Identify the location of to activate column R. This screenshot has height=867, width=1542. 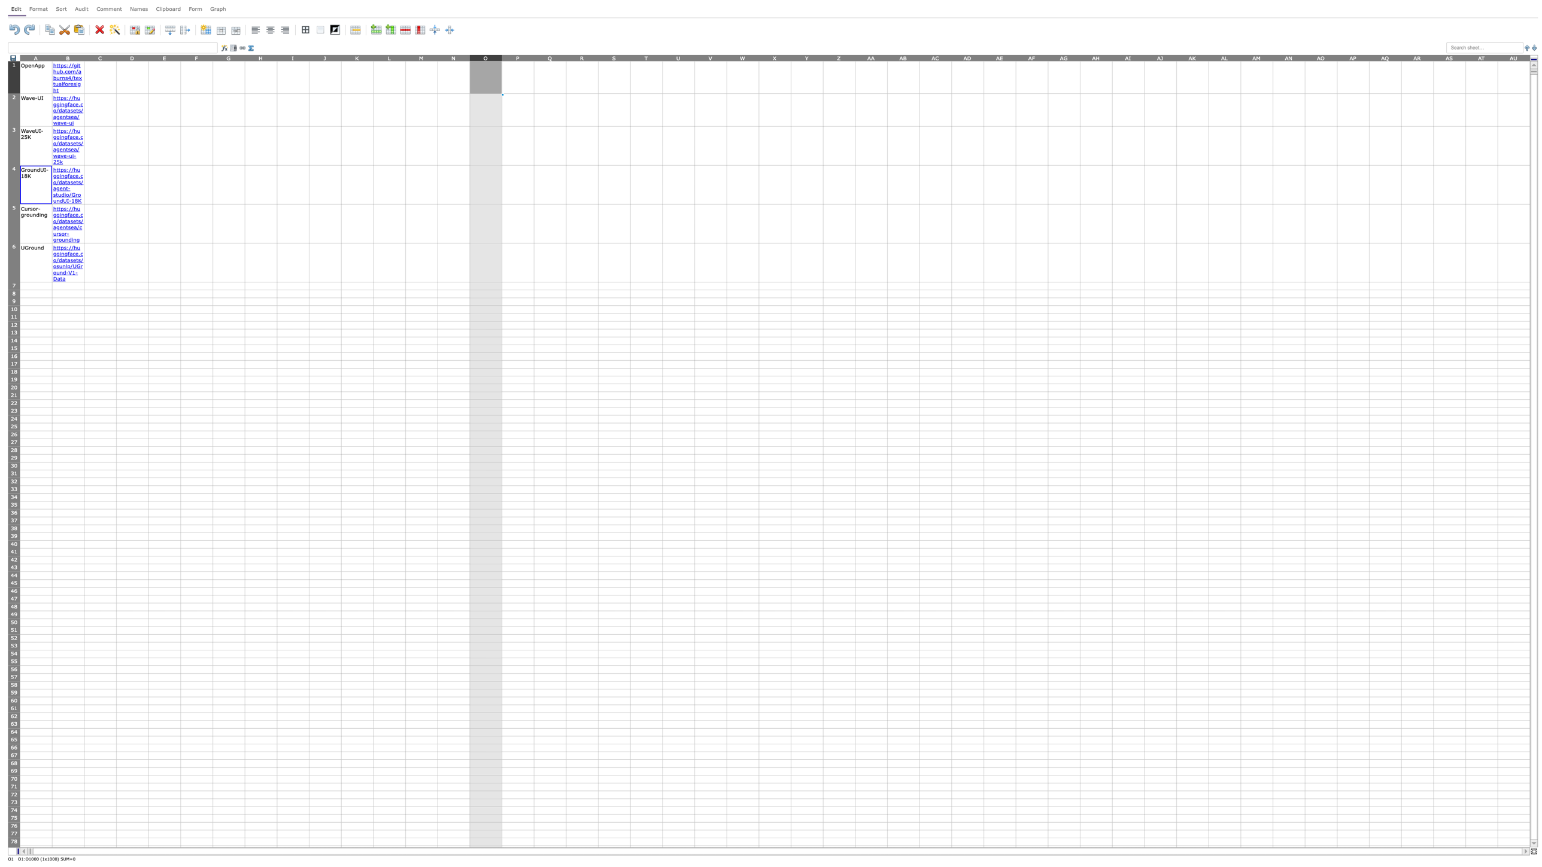
(582, 57).